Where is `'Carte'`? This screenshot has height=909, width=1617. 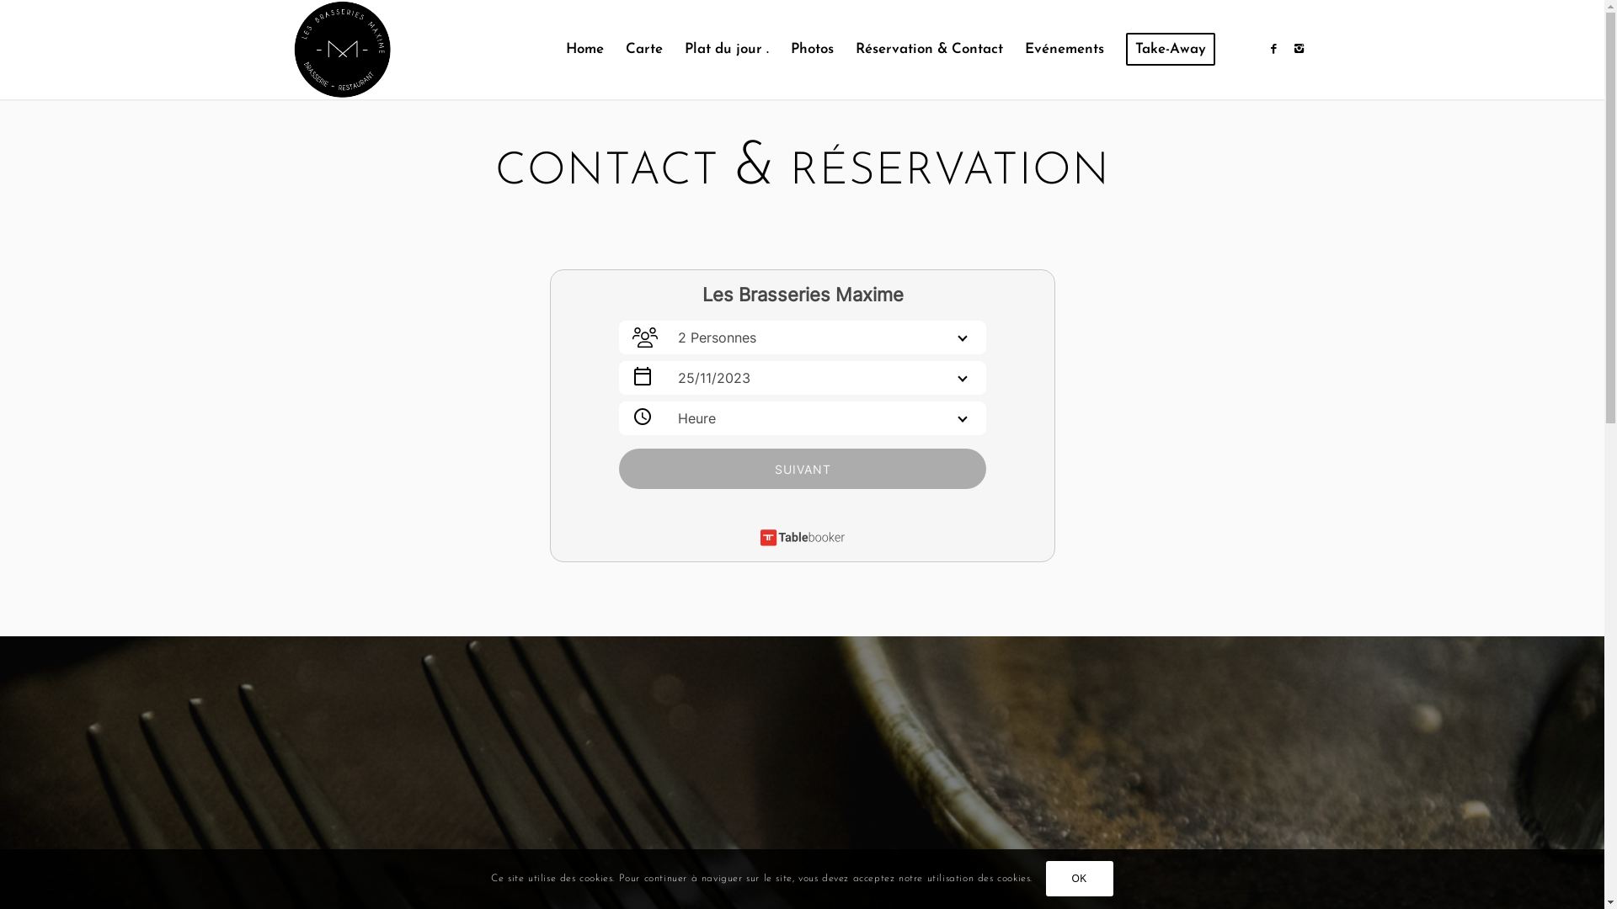
'Carte' is located at coordinates (643, 48).